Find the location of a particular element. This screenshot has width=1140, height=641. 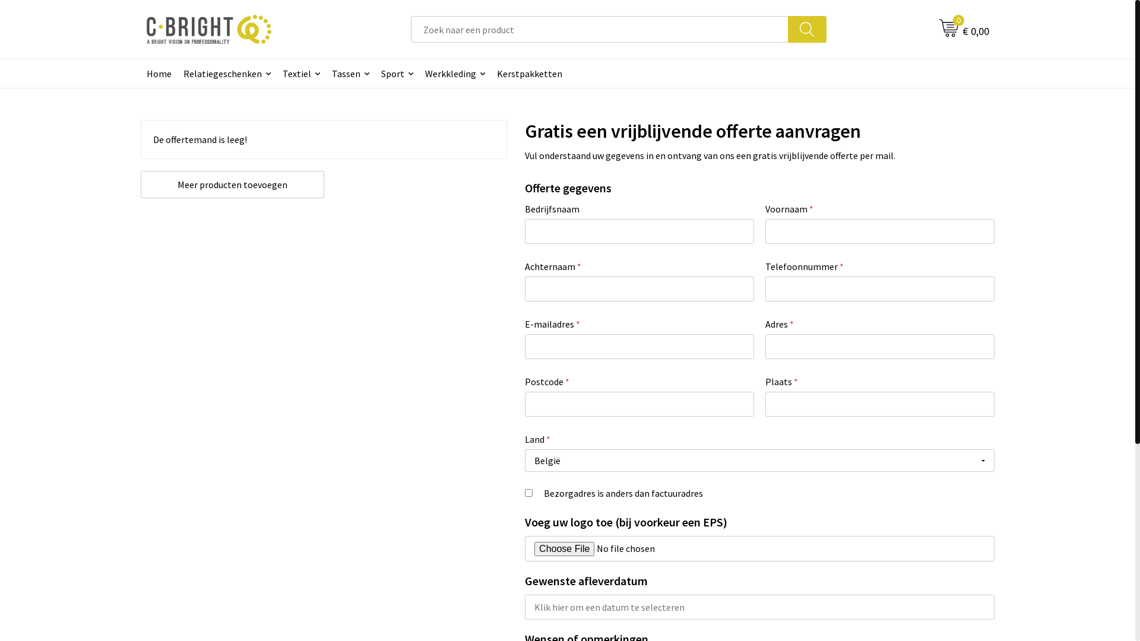

'Sport' is located at coordinates (397, 73).